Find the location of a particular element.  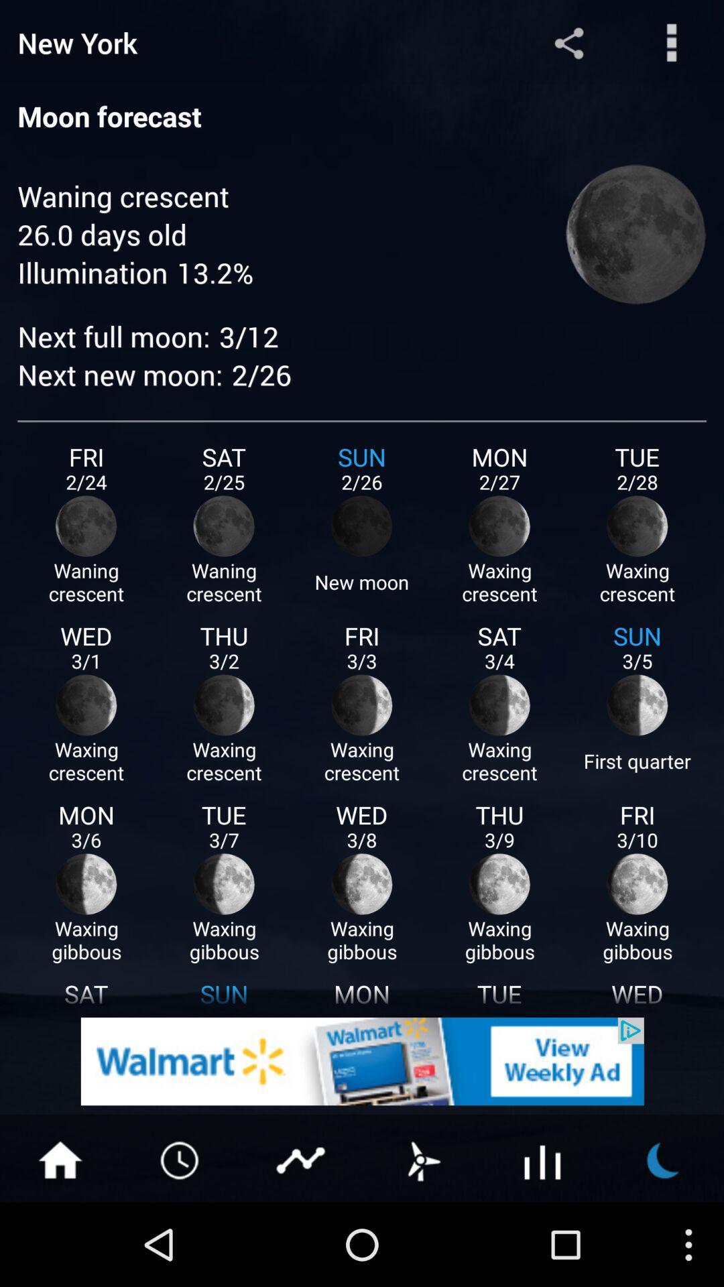

switch to forecast option is located at coordinates (421, 1158).